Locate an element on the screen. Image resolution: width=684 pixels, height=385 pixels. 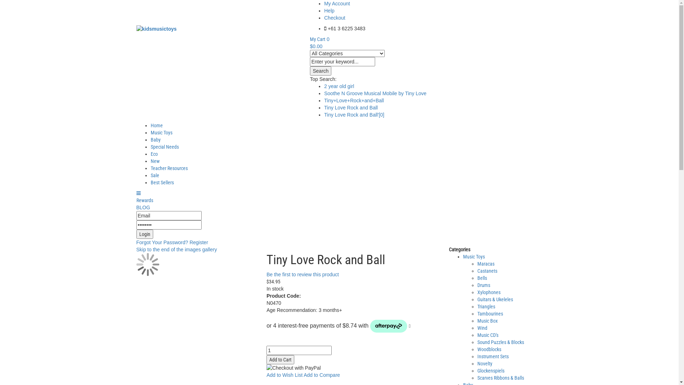
'Checkout' is located at coordinates (334, 17).